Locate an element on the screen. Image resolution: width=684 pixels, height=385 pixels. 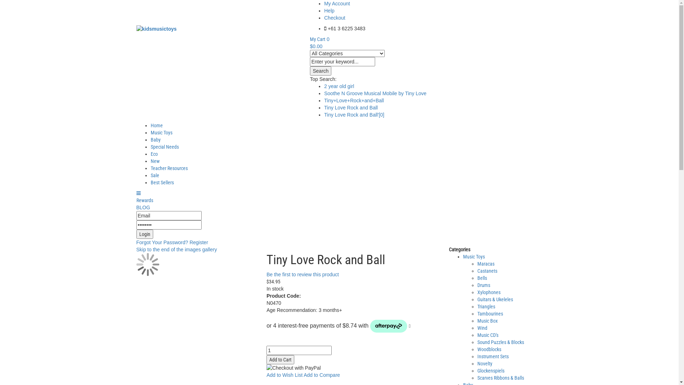
'Checkout' is located at coordinates (334, 17).